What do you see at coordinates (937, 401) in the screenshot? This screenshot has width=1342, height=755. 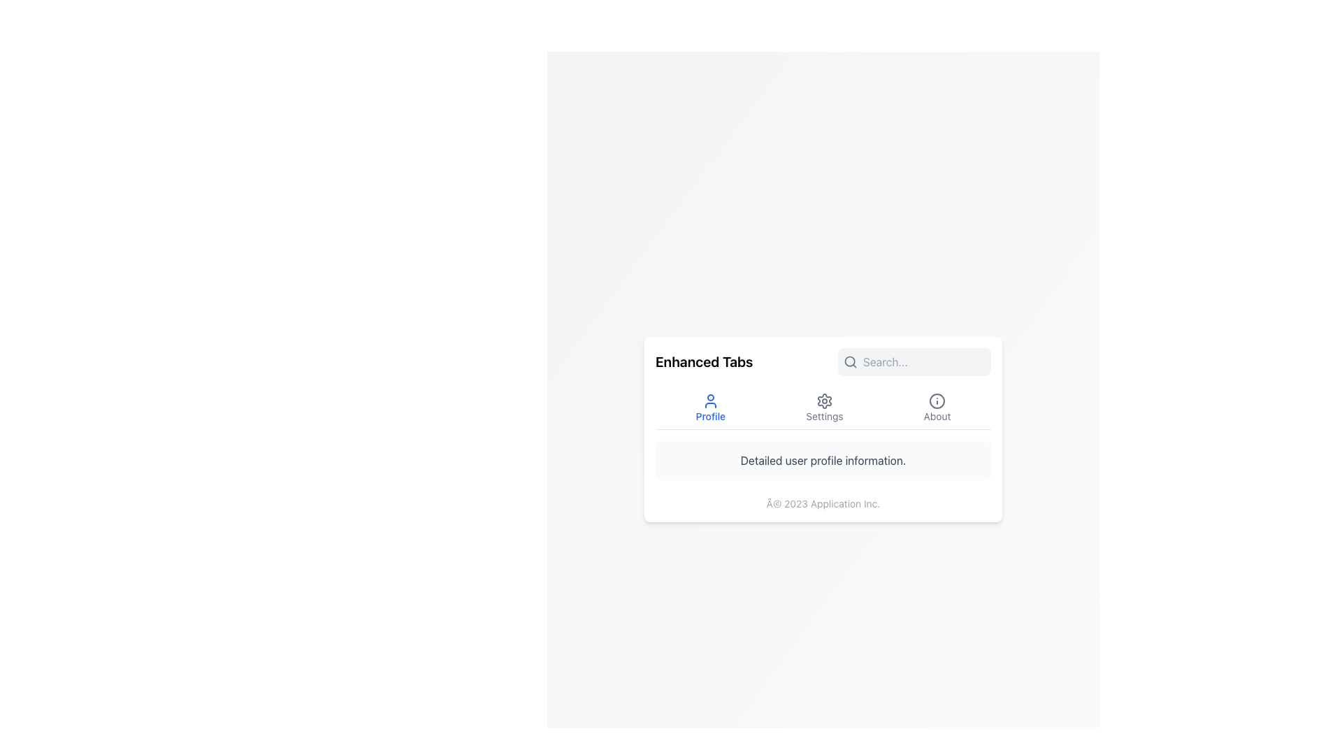 I see `the circular information icon containing an 'i' symbol` at bounding box center [937, 401].